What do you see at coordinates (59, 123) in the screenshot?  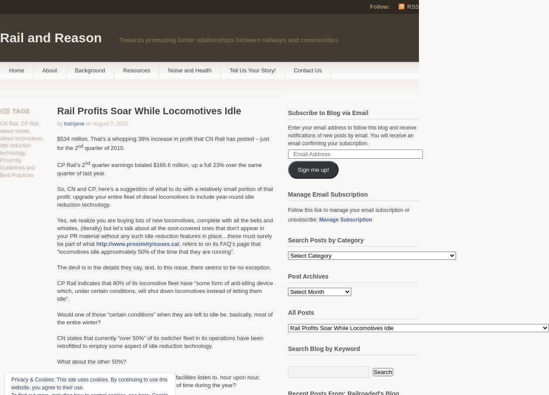 I see `'by'` at bounding box center [59, 123].